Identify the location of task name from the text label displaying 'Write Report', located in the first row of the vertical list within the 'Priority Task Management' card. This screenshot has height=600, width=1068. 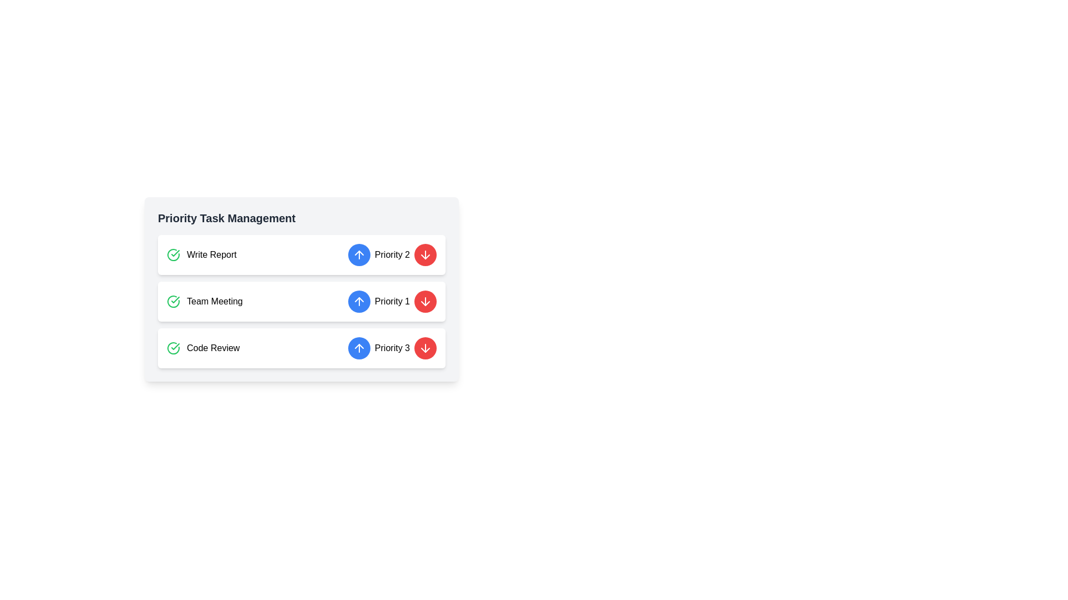
(211, 255).